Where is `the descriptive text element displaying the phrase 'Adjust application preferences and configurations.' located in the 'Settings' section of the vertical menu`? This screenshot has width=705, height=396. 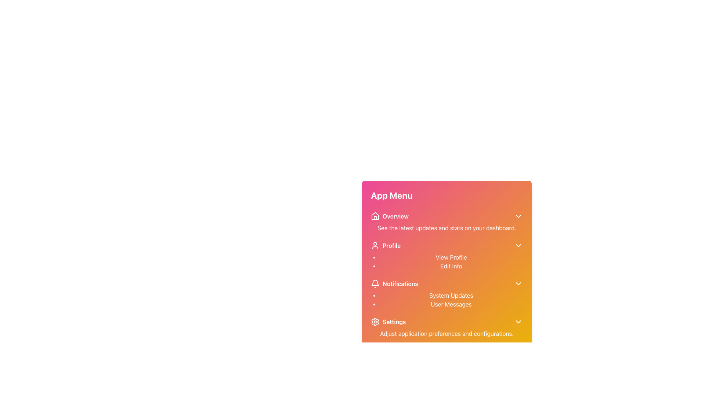
the descriptive text element displaying the phrase 'Adjust application preferences and configurations.' located in the 'Settings' section of the vertical menu is located at coordinates (446, 334).